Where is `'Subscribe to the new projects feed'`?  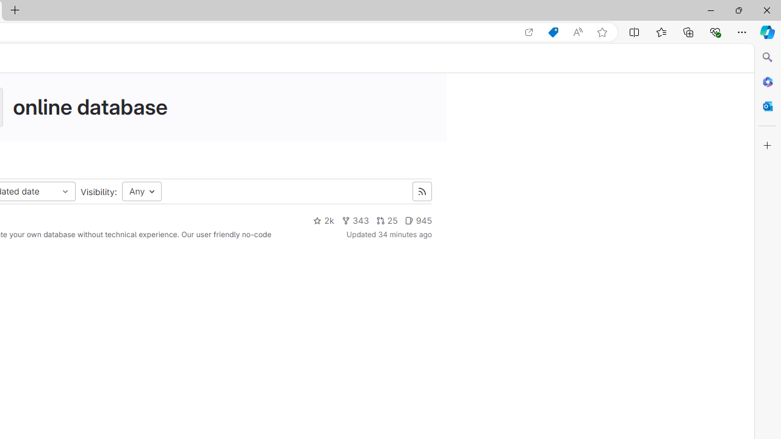
'Subscribe to the new projects feed' is located at coordinates (422, 191).